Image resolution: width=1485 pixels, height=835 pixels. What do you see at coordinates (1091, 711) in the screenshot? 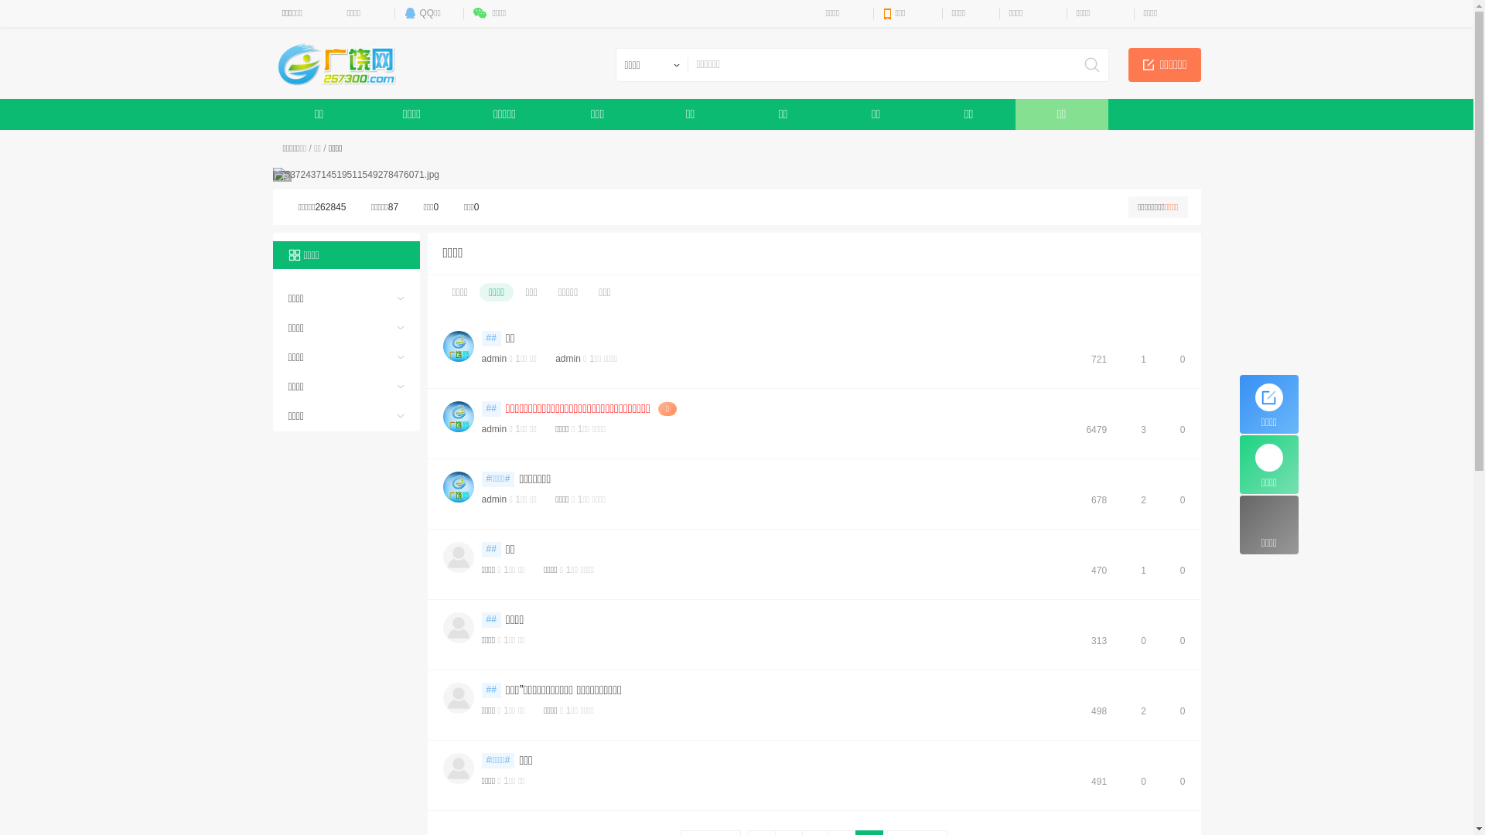
I see `'498'` at bounding box center [1091, 711].